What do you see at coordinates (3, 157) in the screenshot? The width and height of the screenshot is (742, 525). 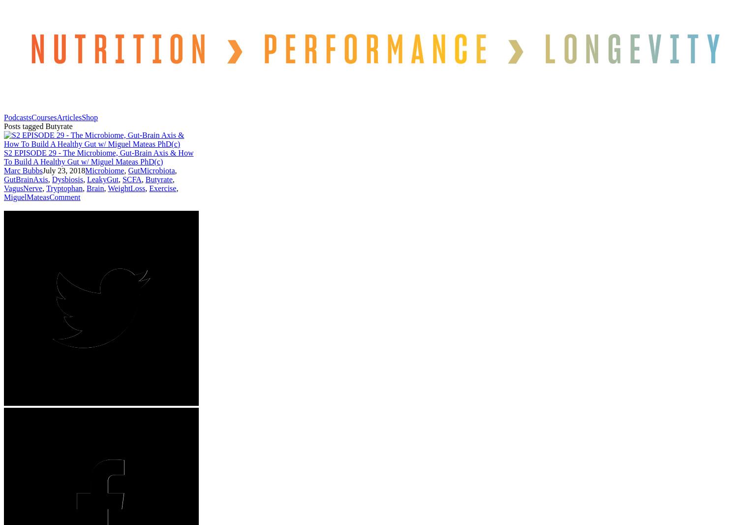 I see `'S2 EPISODE 29 - The Microbiome, Gut-Brain Axis & How To Build A Healthy Gut w/ Miguel Mateas PhD(c)'` at bounding box center [3, 157].